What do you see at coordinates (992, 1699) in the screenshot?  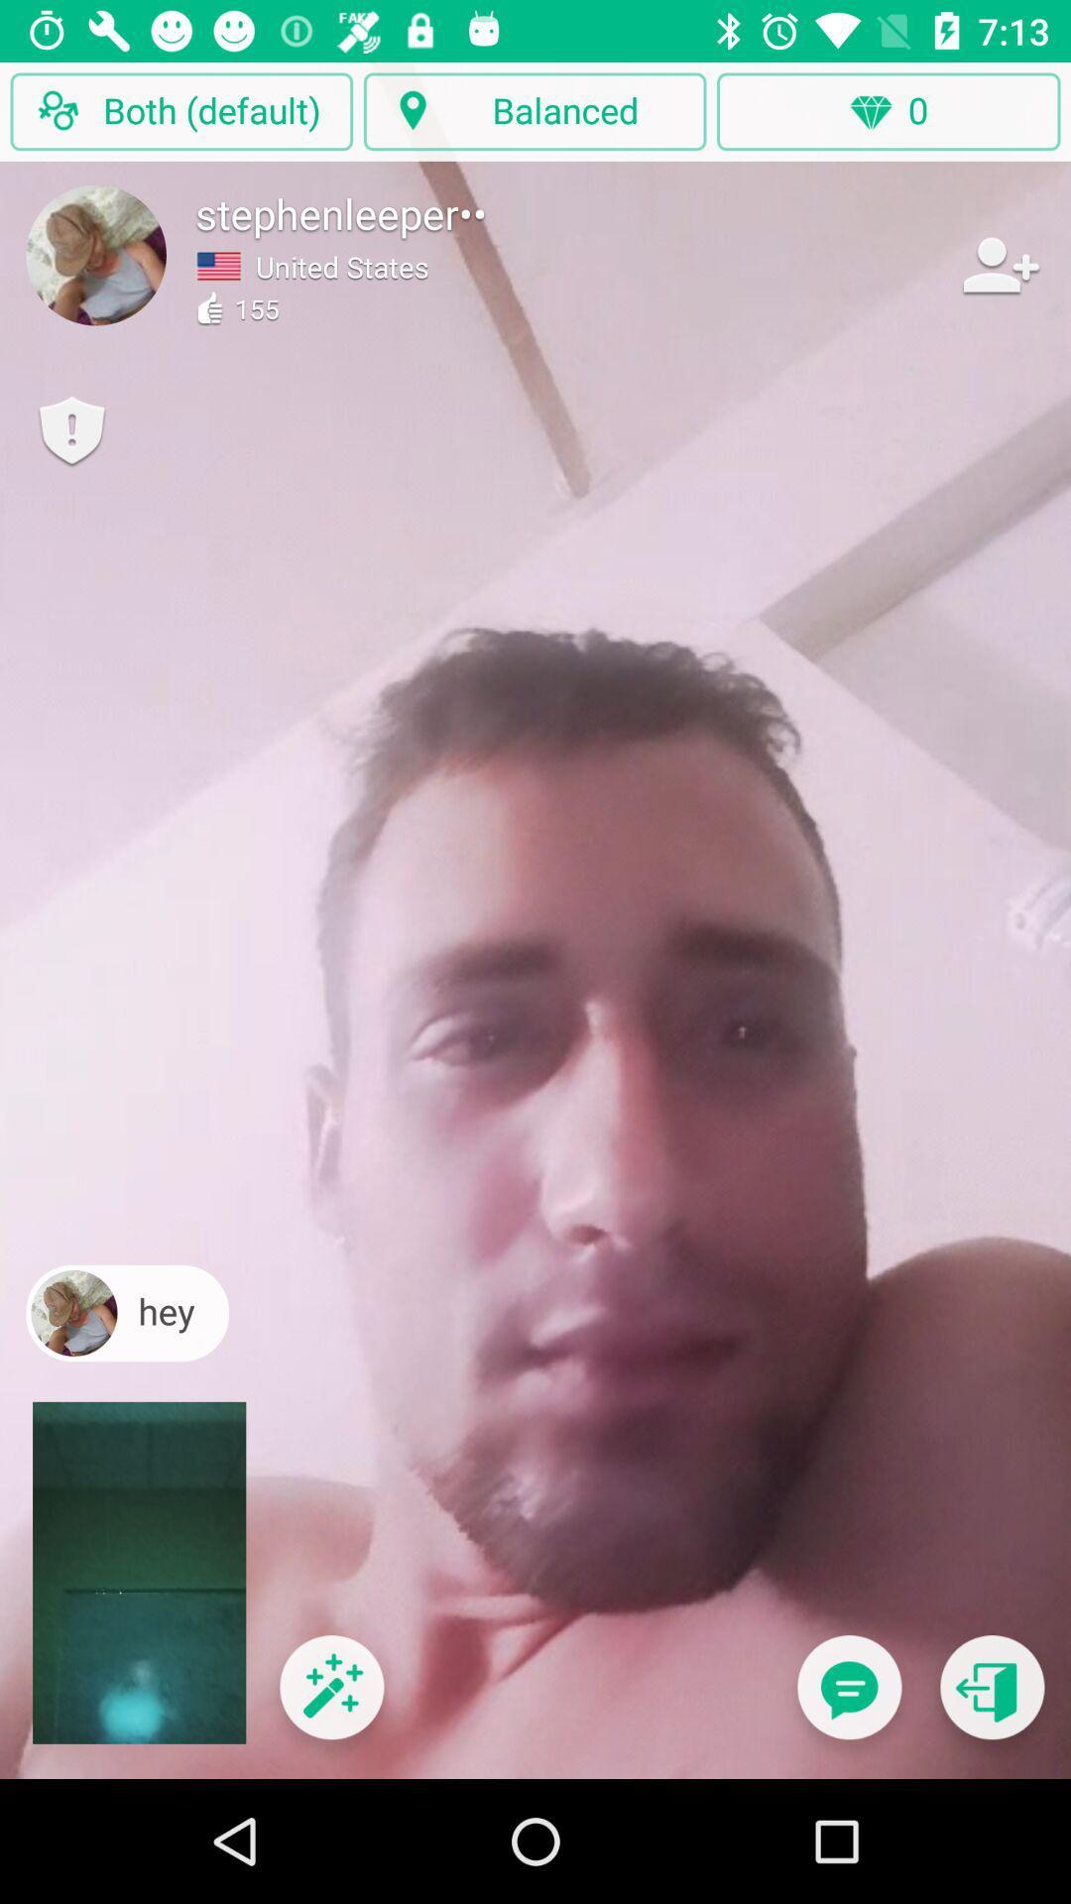 I see `exit button` at bounding box center [992, 1699].